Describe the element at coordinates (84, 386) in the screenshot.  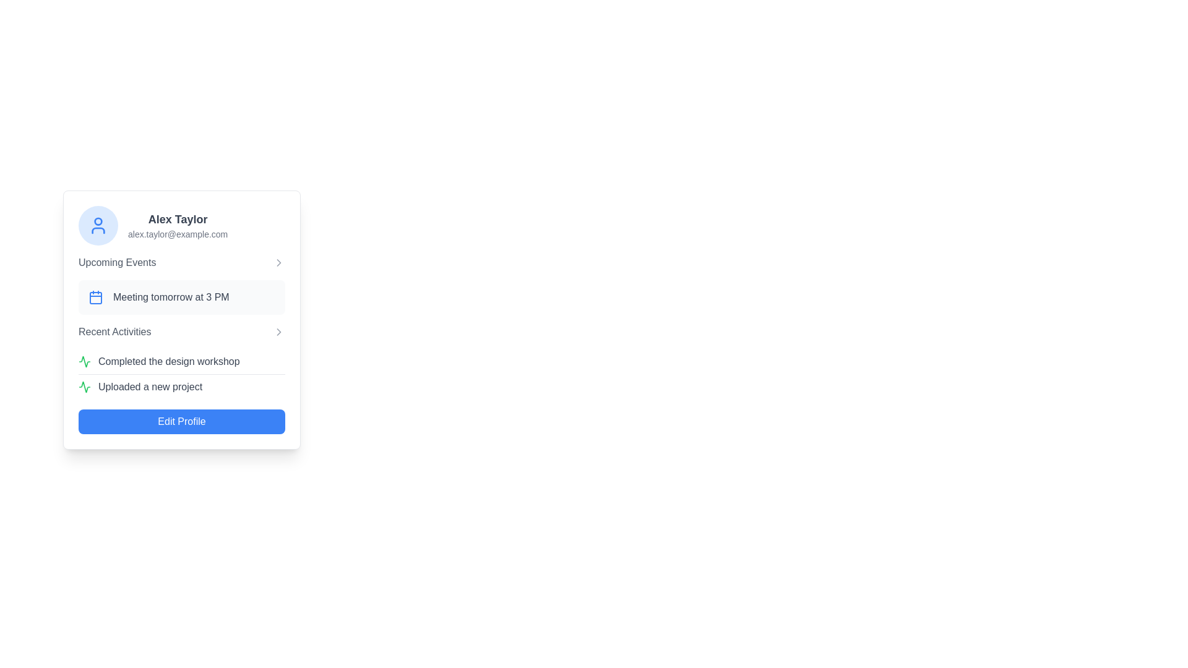
I see `the vivid green waveform icon located in the 'Recent Activities' section, preceding the text 'Completed the design workshop.'` at that location.